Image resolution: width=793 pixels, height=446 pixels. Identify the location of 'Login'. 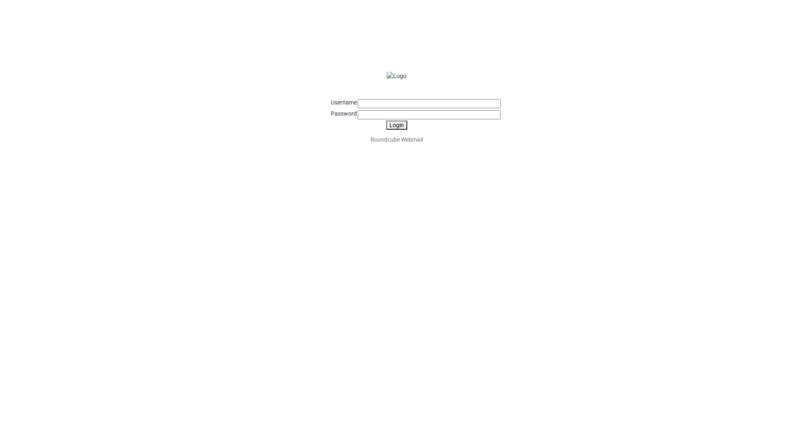
(396, 125).